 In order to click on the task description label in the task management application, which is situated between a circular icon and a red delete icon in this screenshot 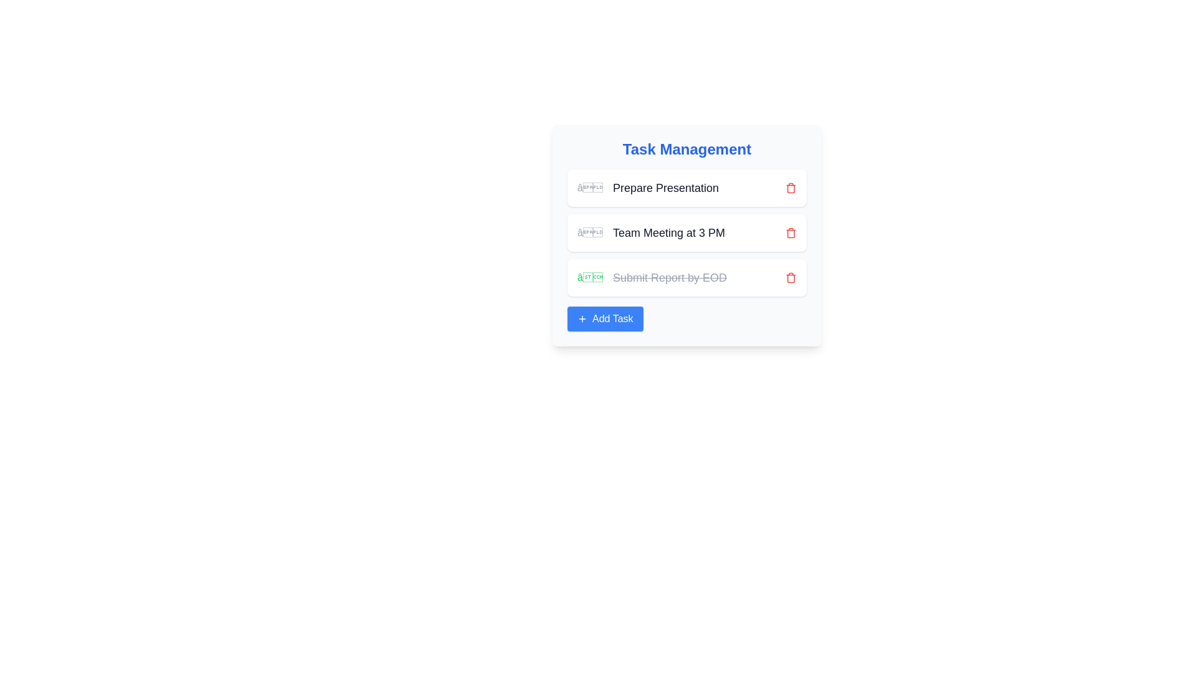, I will do `click(668, 233)`.